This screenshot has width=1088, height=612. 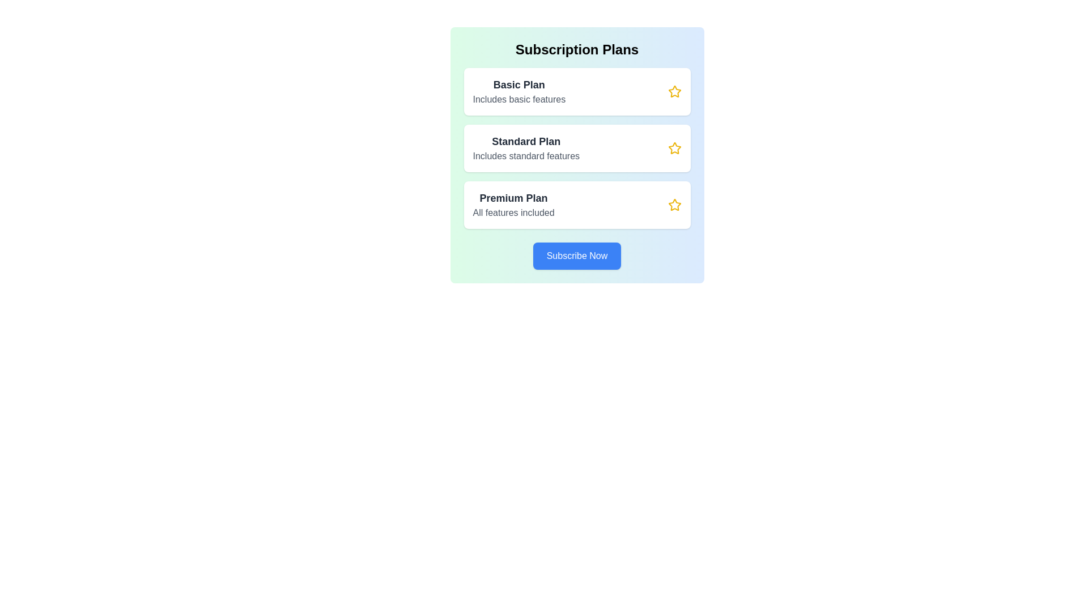 I want to click on the Premium Plan plan to see its hover effects, so click(x=577, y=205).